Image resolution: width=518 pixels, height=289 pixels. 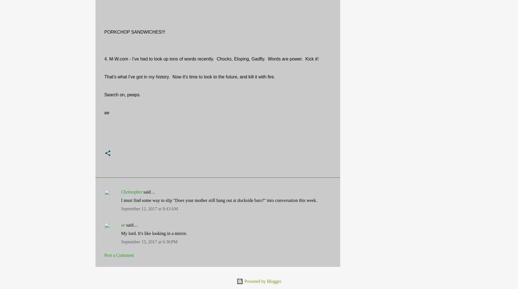 What do you see at coordinates (219, 200) in the screenshot?
I see `'I must find some way to slip "Does your mother still hang out at dockside bars?" into conversation this week.'` at bounding box center [219, 200].